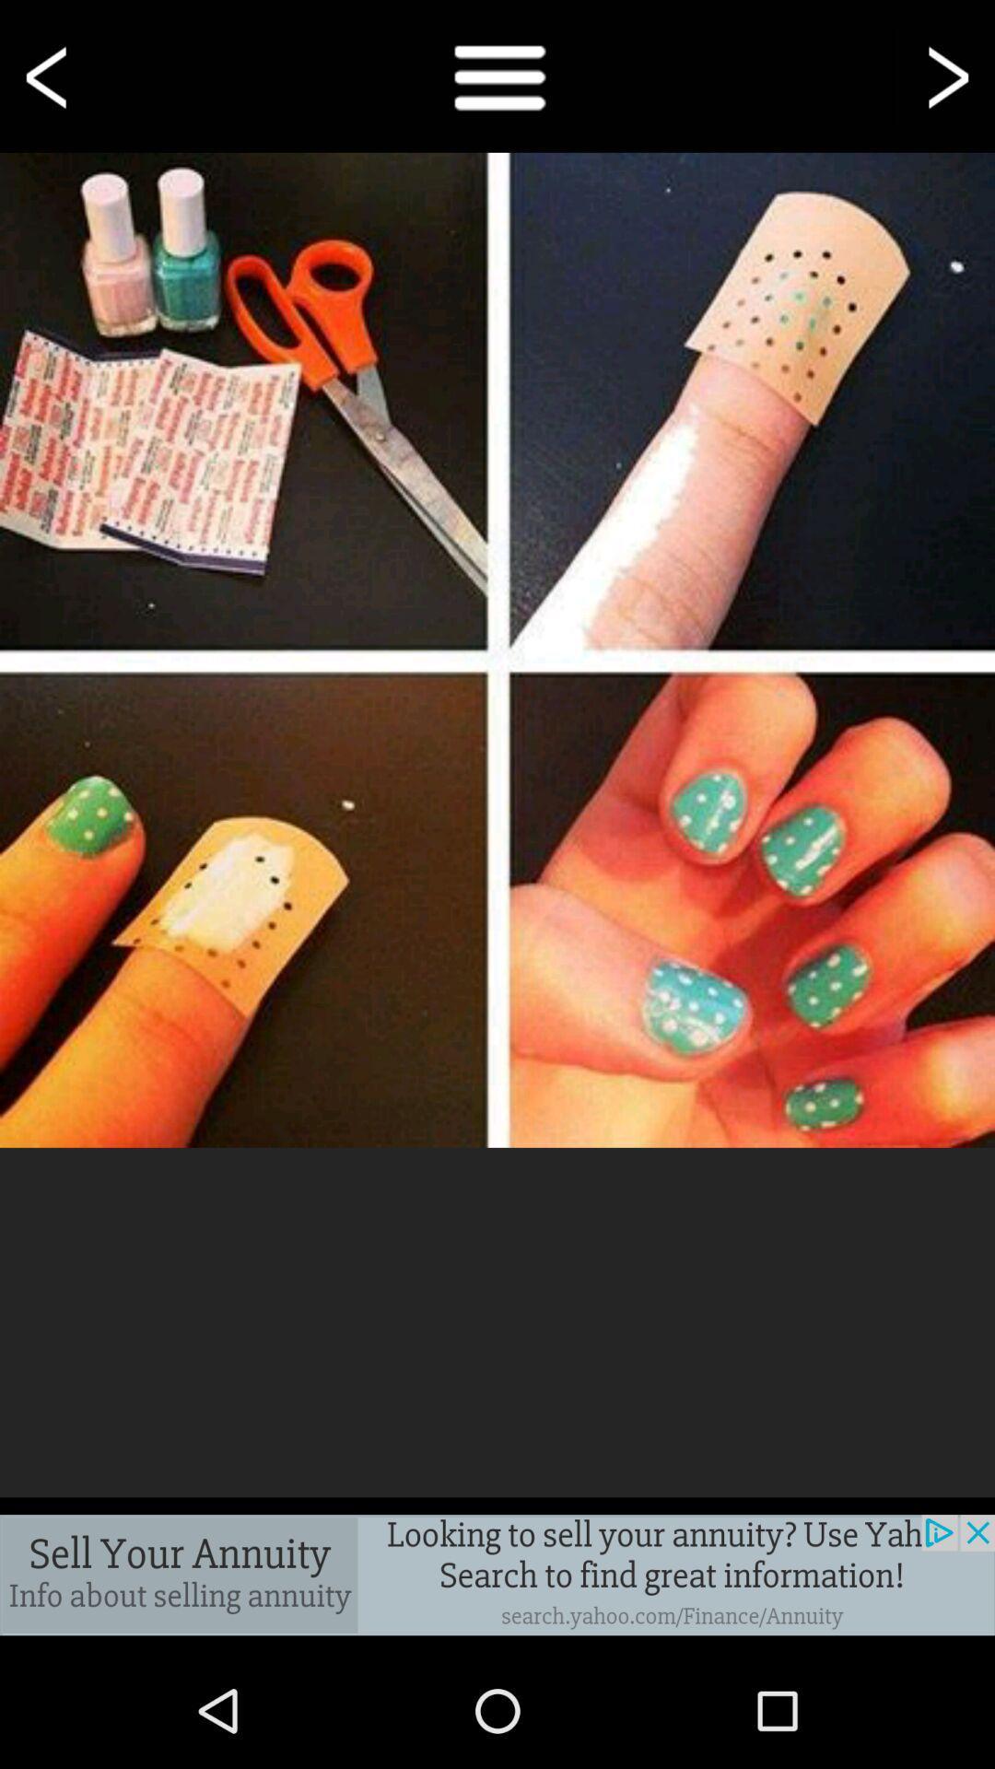 The height and width of the screenshot is (1769, 995). What do you see at coordinates (497, 1574) in the screenshot?
I see `advertisement link to different site` at bounding box center [497, 1574].